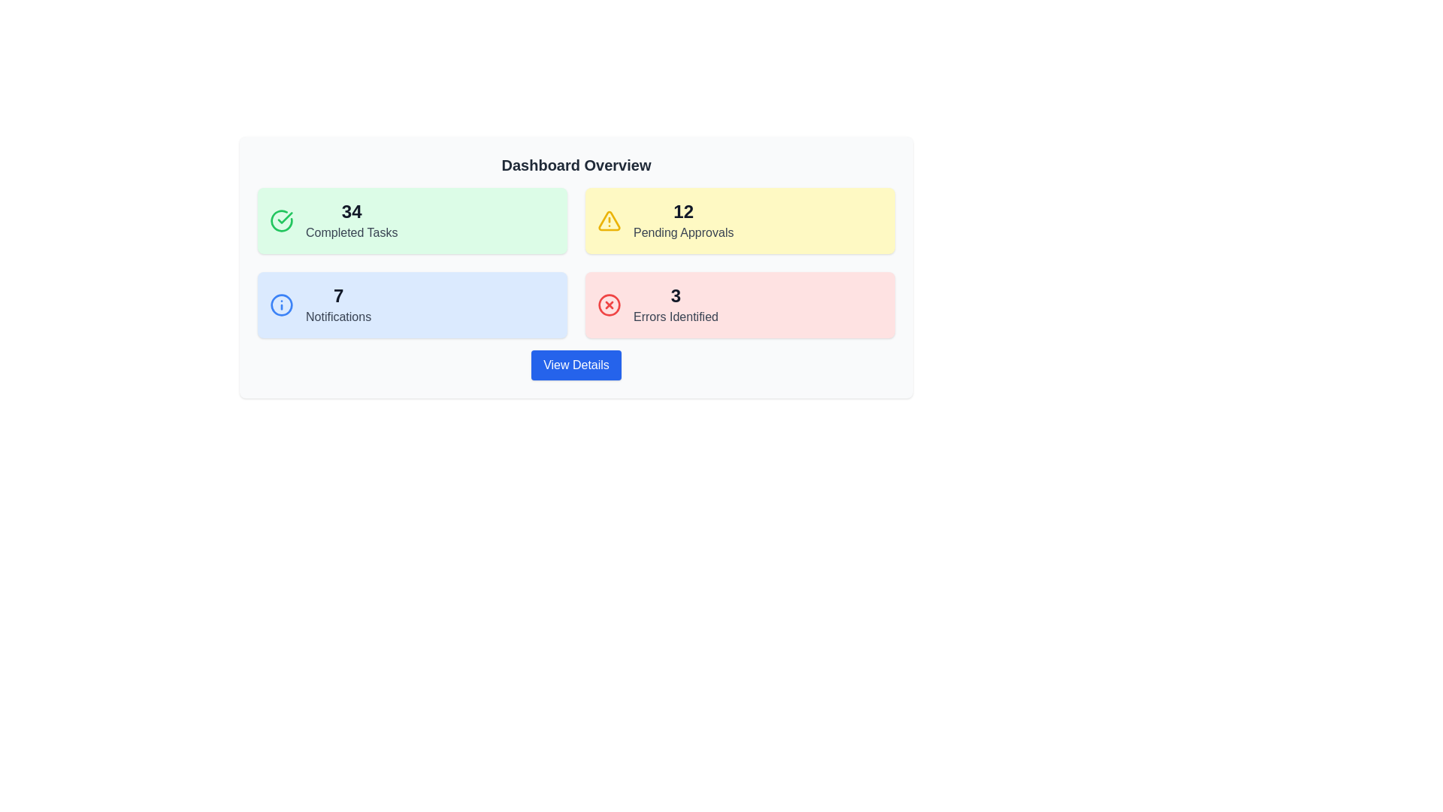 Image resolution: width=1443 pixels, height=812 pixels. What do you see at coordinates (682, 232) in the screenshot?
I see `the text label that provides descriptive information below the number '12' on the yellow card in the top-right quadrant of the dashboard interface` at bounding box center [682, 232].